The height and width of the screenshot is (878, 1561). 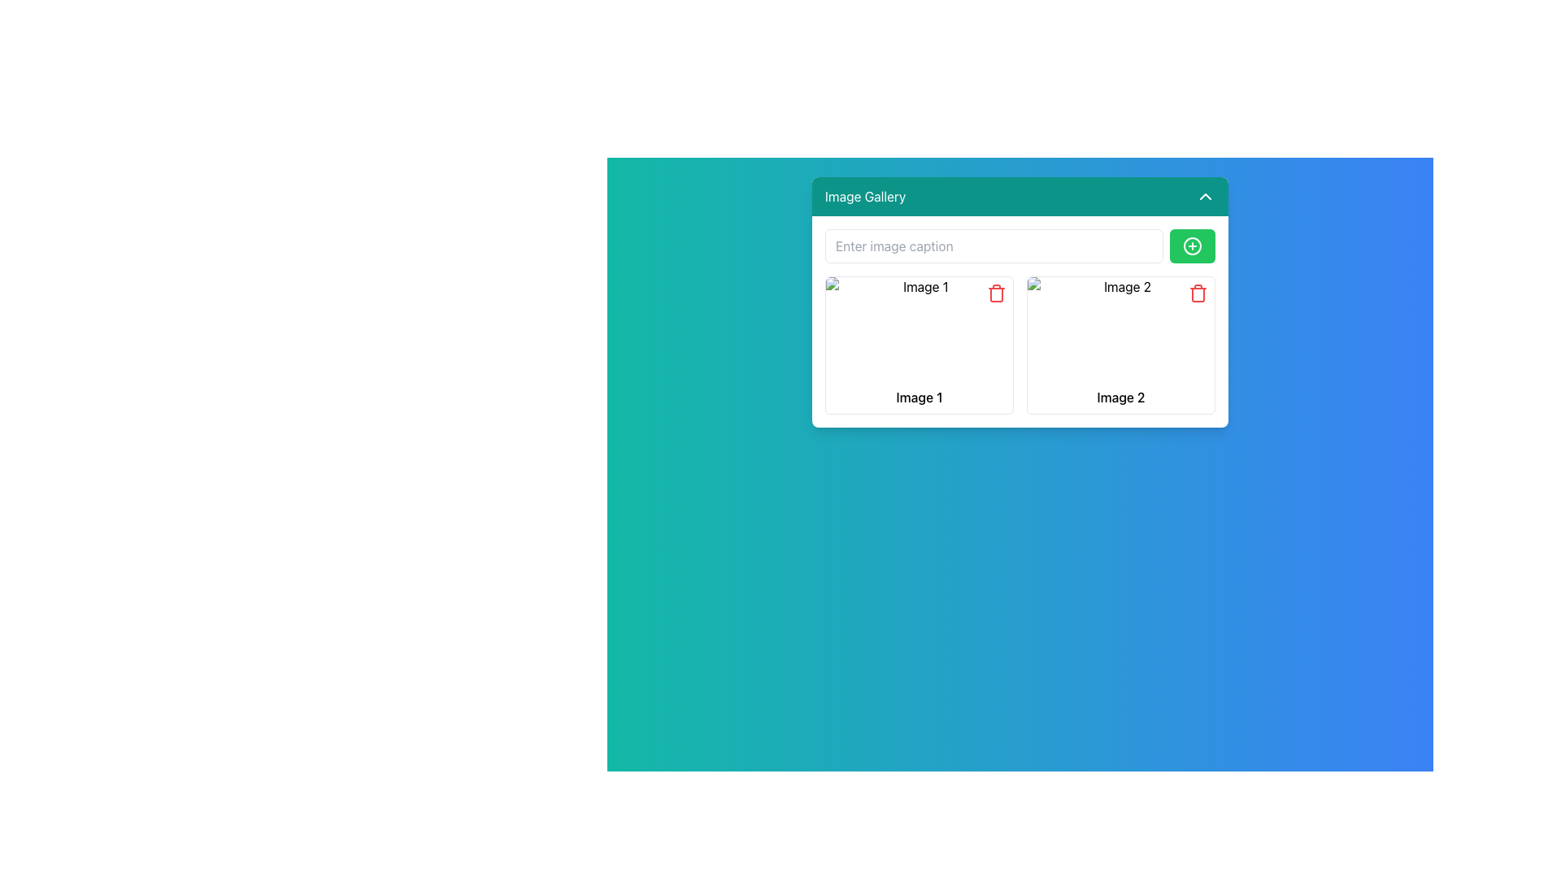 What do you see at coordinates (1206, 196) in the screenshot?
I see `the upward-pointing chevron icon button in the teal-colored header of the 'Image Gallery' section` at bounding box center [1206, 196].